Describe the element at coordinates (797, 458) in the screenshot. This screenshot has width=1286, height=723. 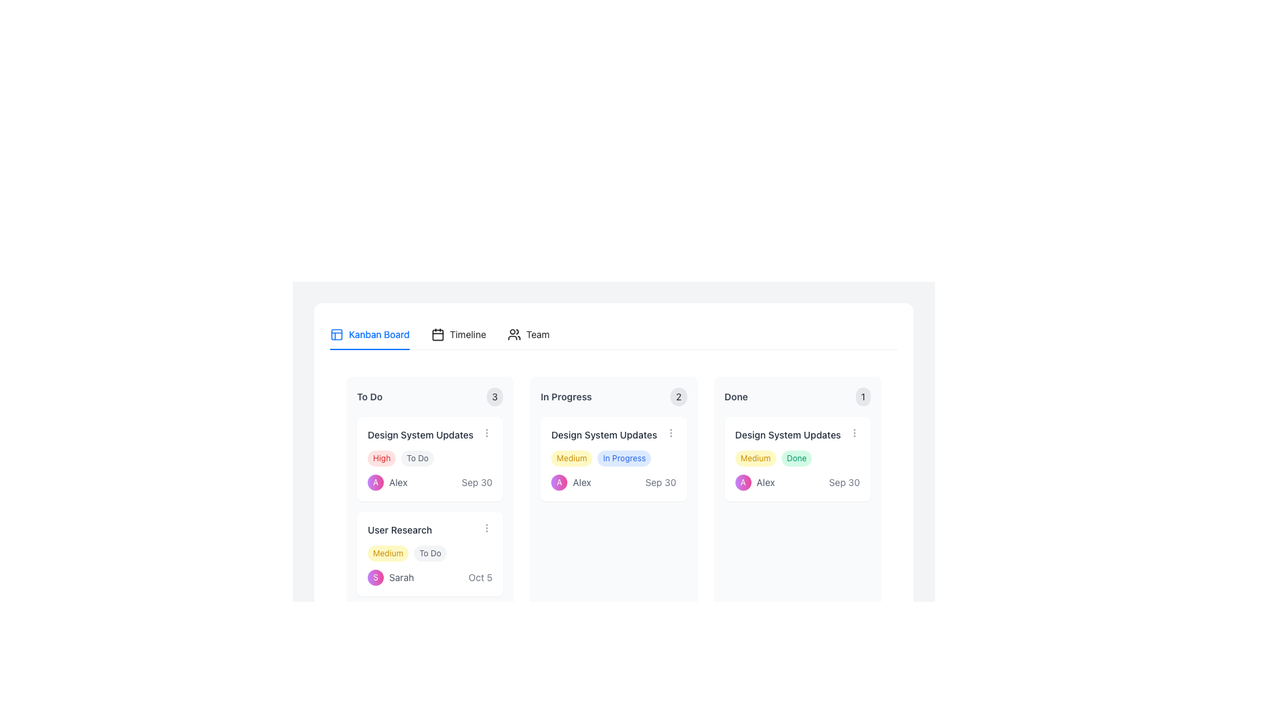
I see `the status and priority displayed in the Label group located under the 'Design System Updates' card in the 'Done' section of the Kanban board` at that location.